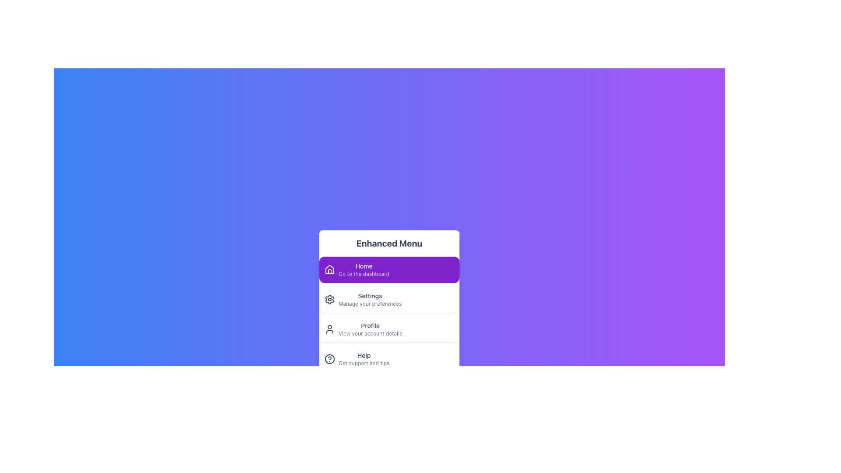  Describe the element at coordinates (329, 299) in the screenshot. I see `the cogwheel icon located in the settings section of the menu` at that location.